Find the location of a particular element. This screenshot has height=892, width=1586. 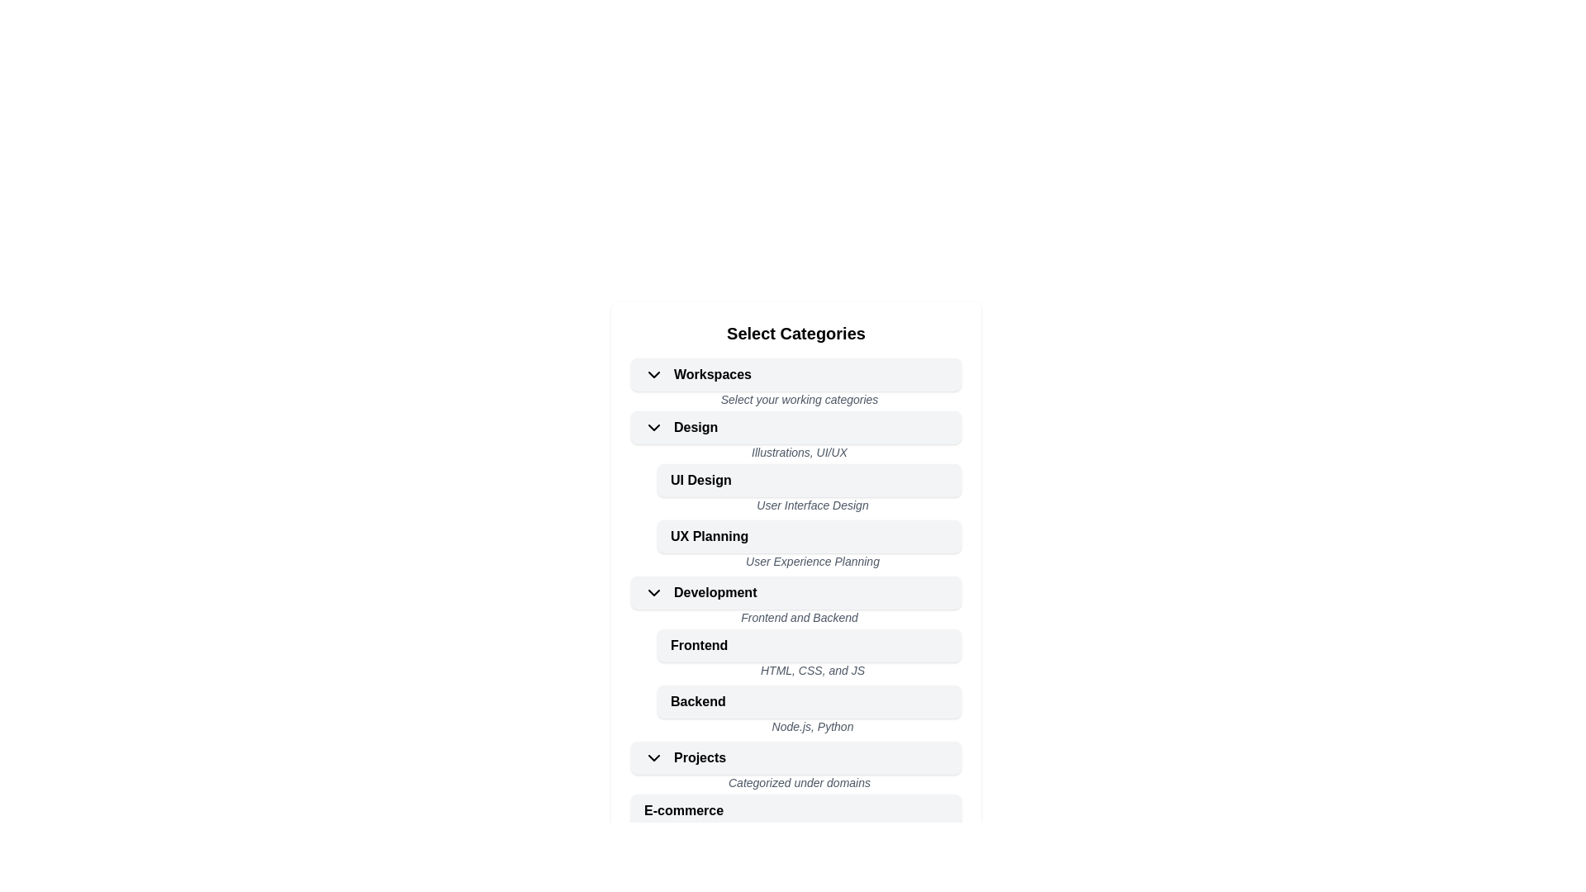

the 'E-commerce' button is located at coordinates (796, 810).